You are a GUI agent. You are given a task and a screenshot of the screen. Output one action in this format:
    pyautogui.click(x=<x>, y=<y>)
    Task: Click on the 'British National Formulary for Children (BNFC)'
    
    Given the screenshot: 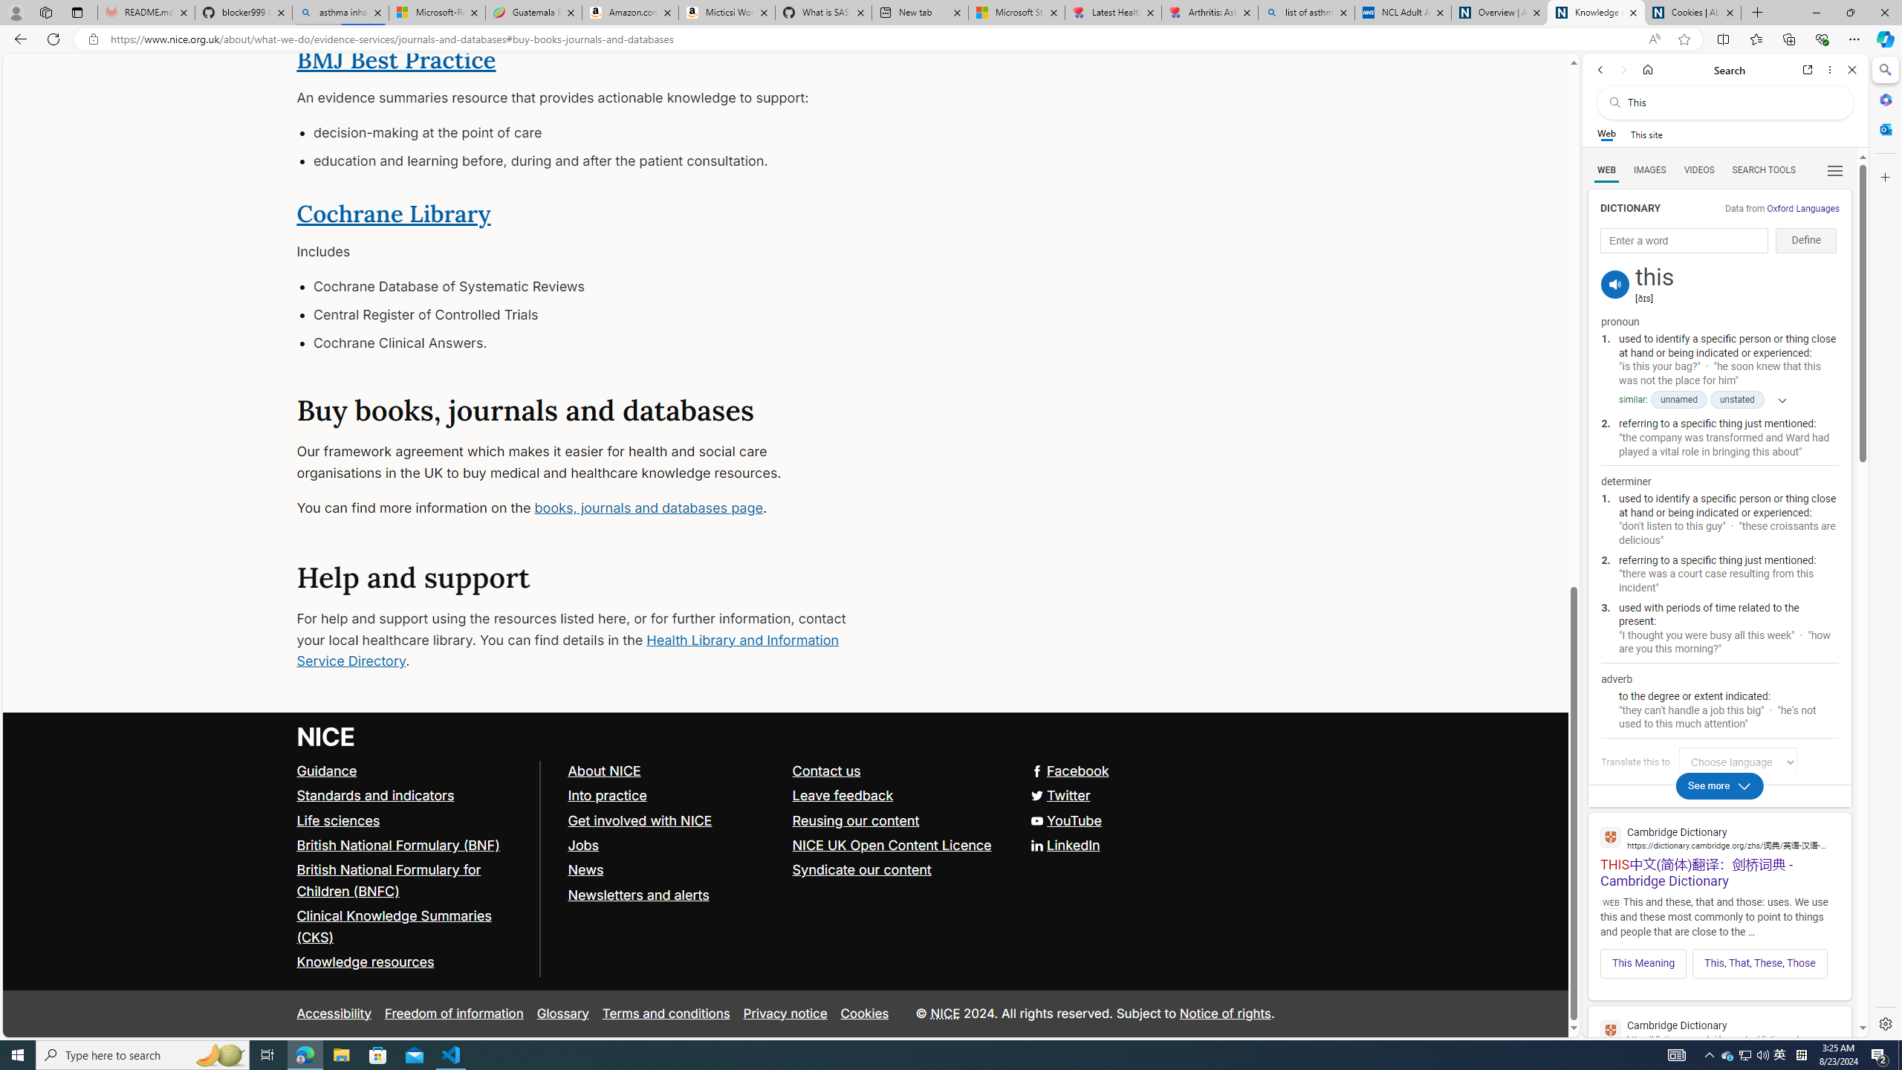 What is the action you would take?
    pyautogui.click(x=412, y=880)
    